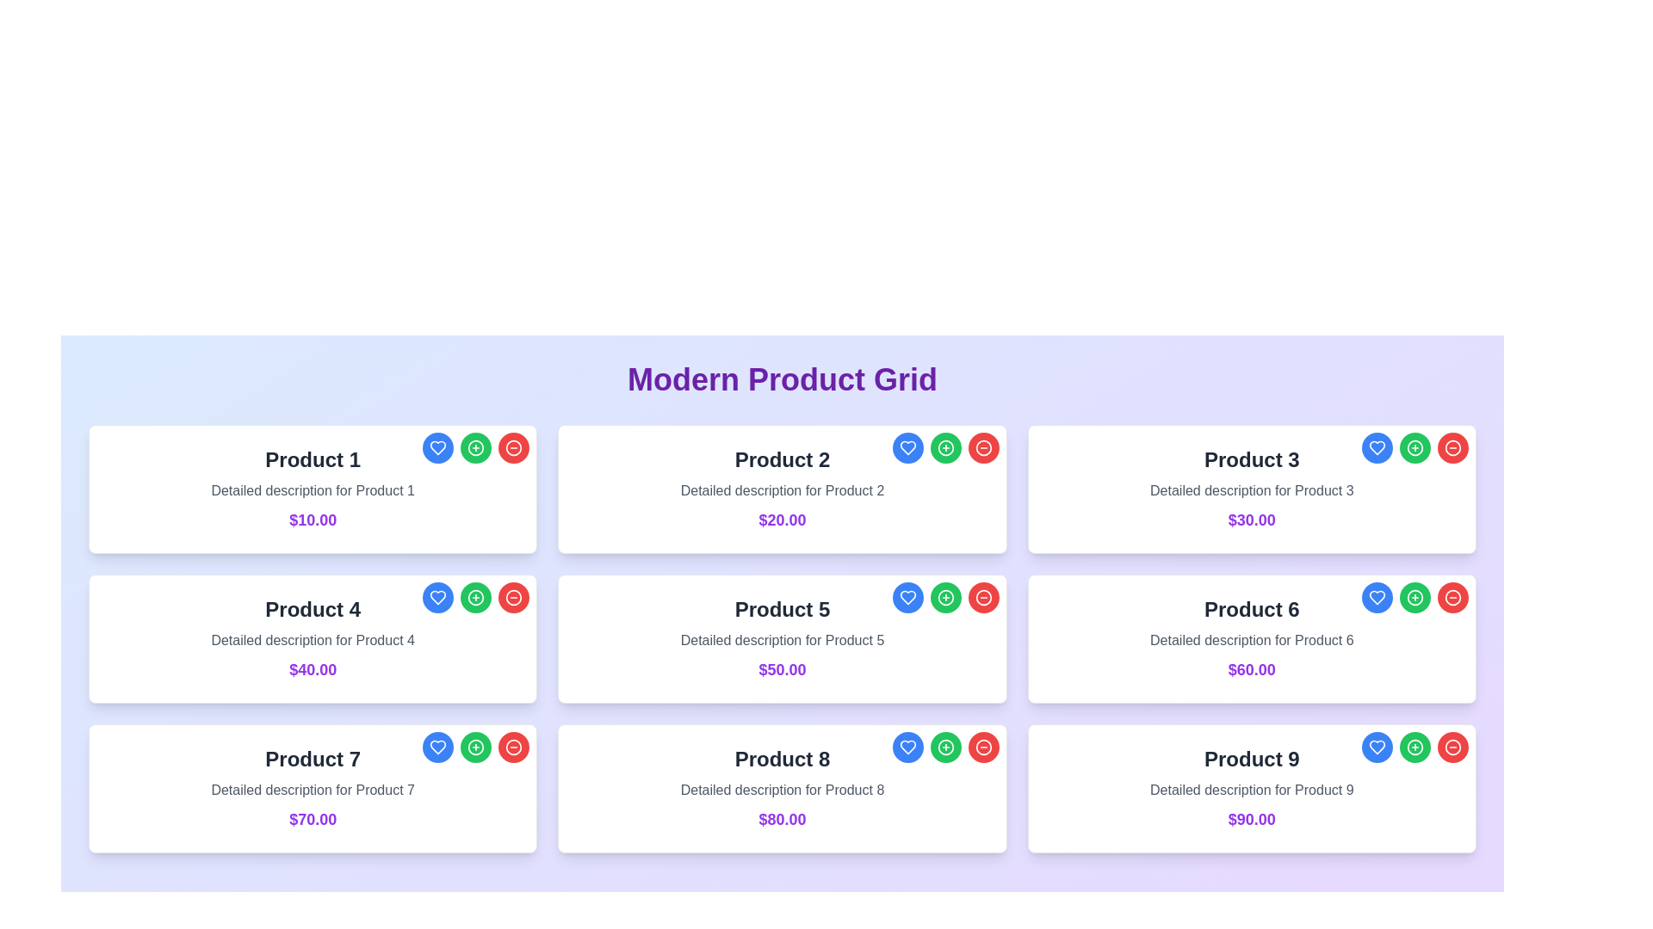 Image resolution: width=1653 pixels, height=929 pixels. Describe the element at coordinates (907, 746) in the screenshot. I see `the heart-shaped icon outlined in blue, which represents a 'like' or 'favorite' action, located in the top-right corner of the card labeled 'Product 8'` at that location.